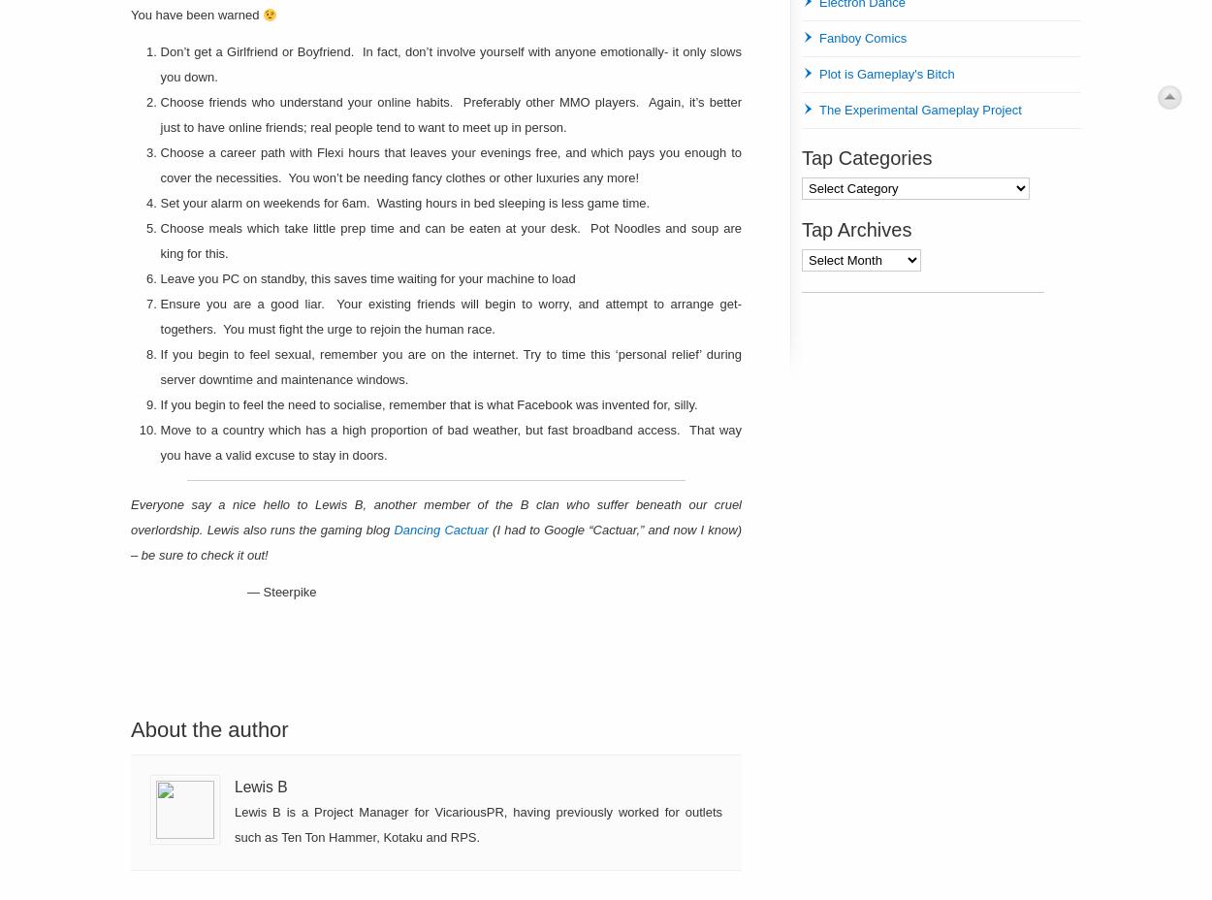 The width and height of the screenshot is (1212, 900). I want to click on 'Move to a country which has a high proportion of bad weather, but fast broadband access.  That way you have a valid excuse to stay in doors.', so click(450, 442).